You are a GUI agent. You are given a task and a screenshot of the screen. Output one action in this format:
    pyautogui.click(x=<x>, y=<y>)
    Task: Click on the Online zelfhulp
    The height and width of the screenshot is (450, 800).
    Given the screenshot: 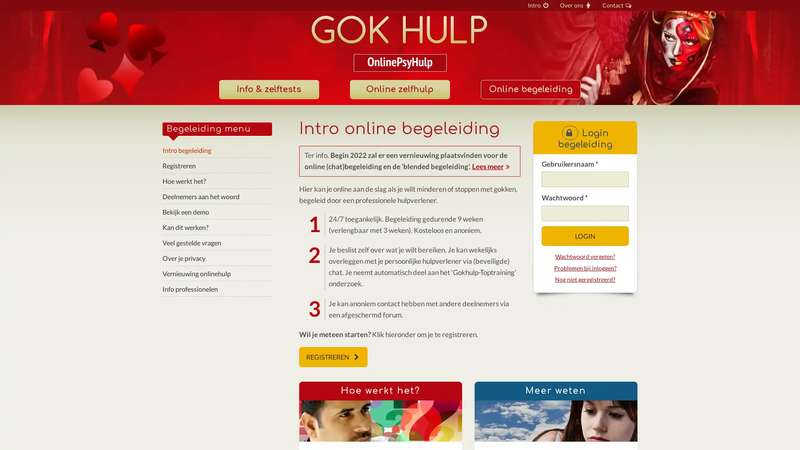 What is the action you would take?
    pyautogui.click(x=399, y=90)
    